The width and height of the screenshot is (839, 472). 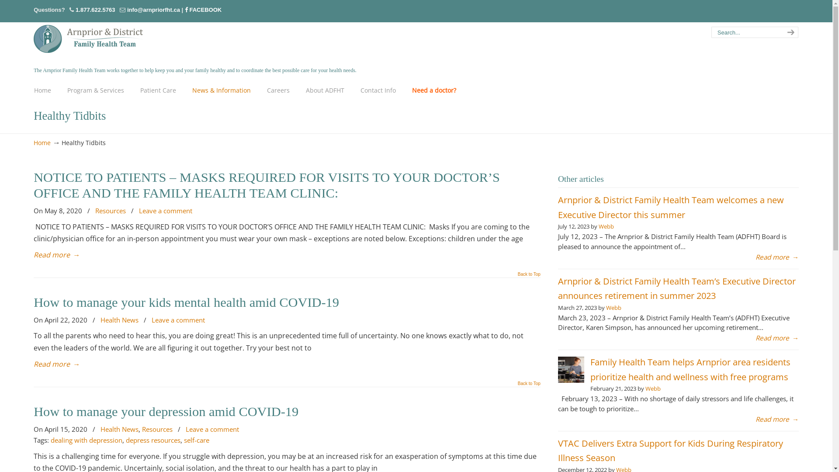 What do you see at coordinates (95, 10) in the screenshot?
I see `'1.877.622.5763'` at bounding box center [95, 10].